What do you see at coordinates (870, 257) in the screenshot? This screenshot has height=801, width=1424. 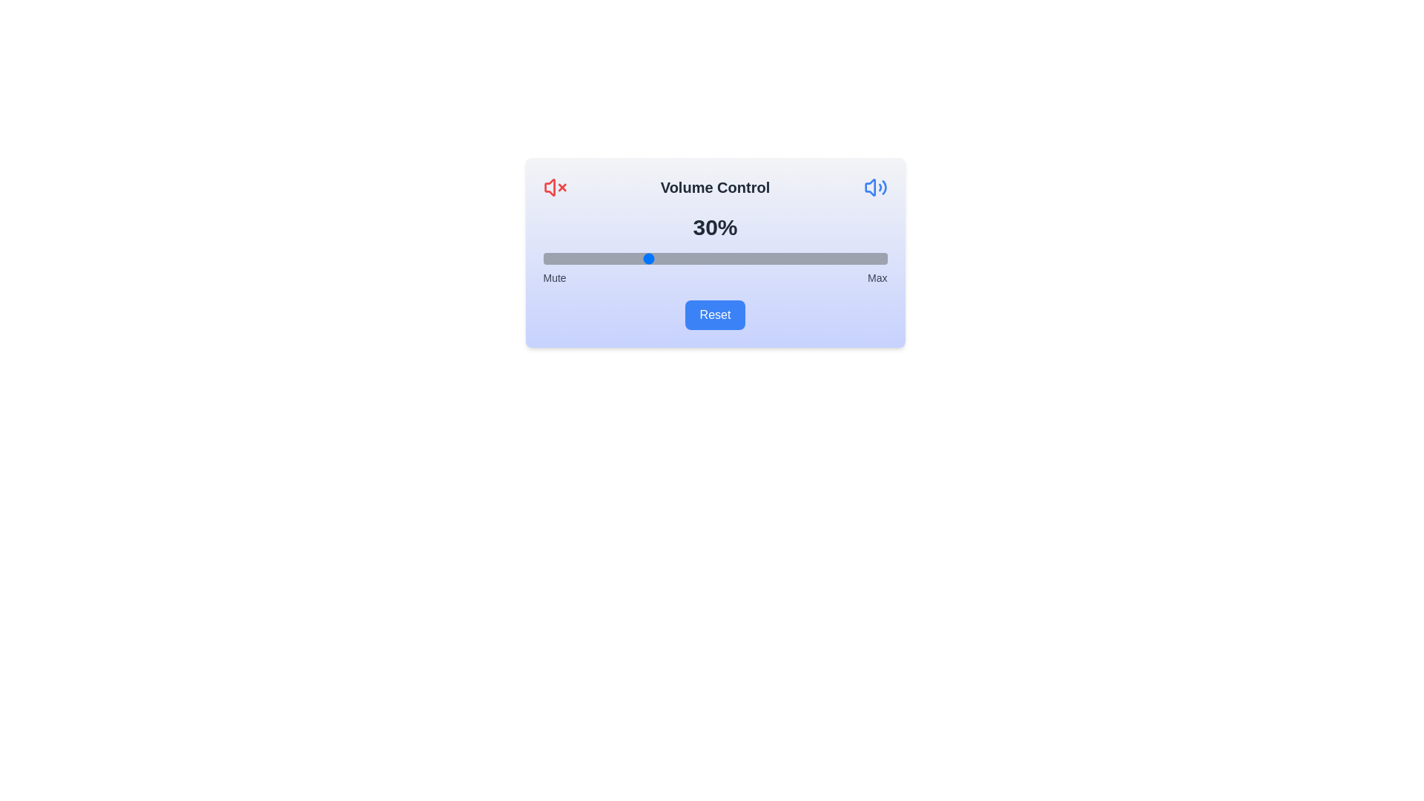 I see `the volume slider to a specific percentage, 95` at bounding box center [870, 257].